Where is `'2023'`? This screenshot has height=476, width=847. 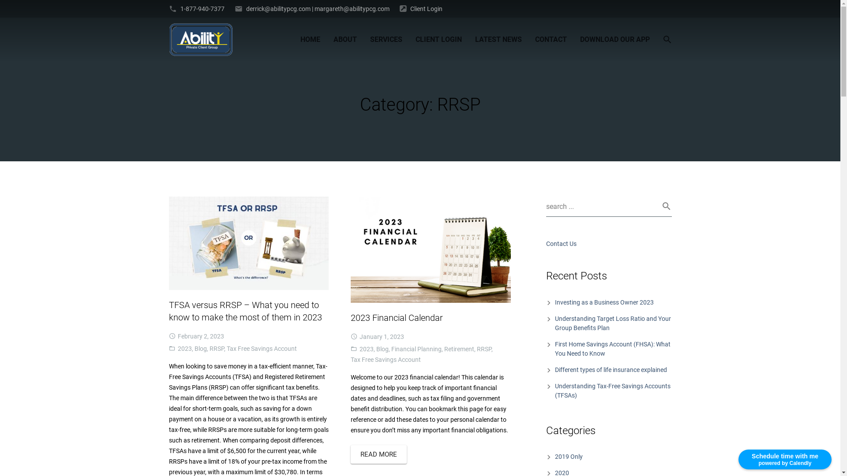
'2023' is located at coordinates (184, 348).